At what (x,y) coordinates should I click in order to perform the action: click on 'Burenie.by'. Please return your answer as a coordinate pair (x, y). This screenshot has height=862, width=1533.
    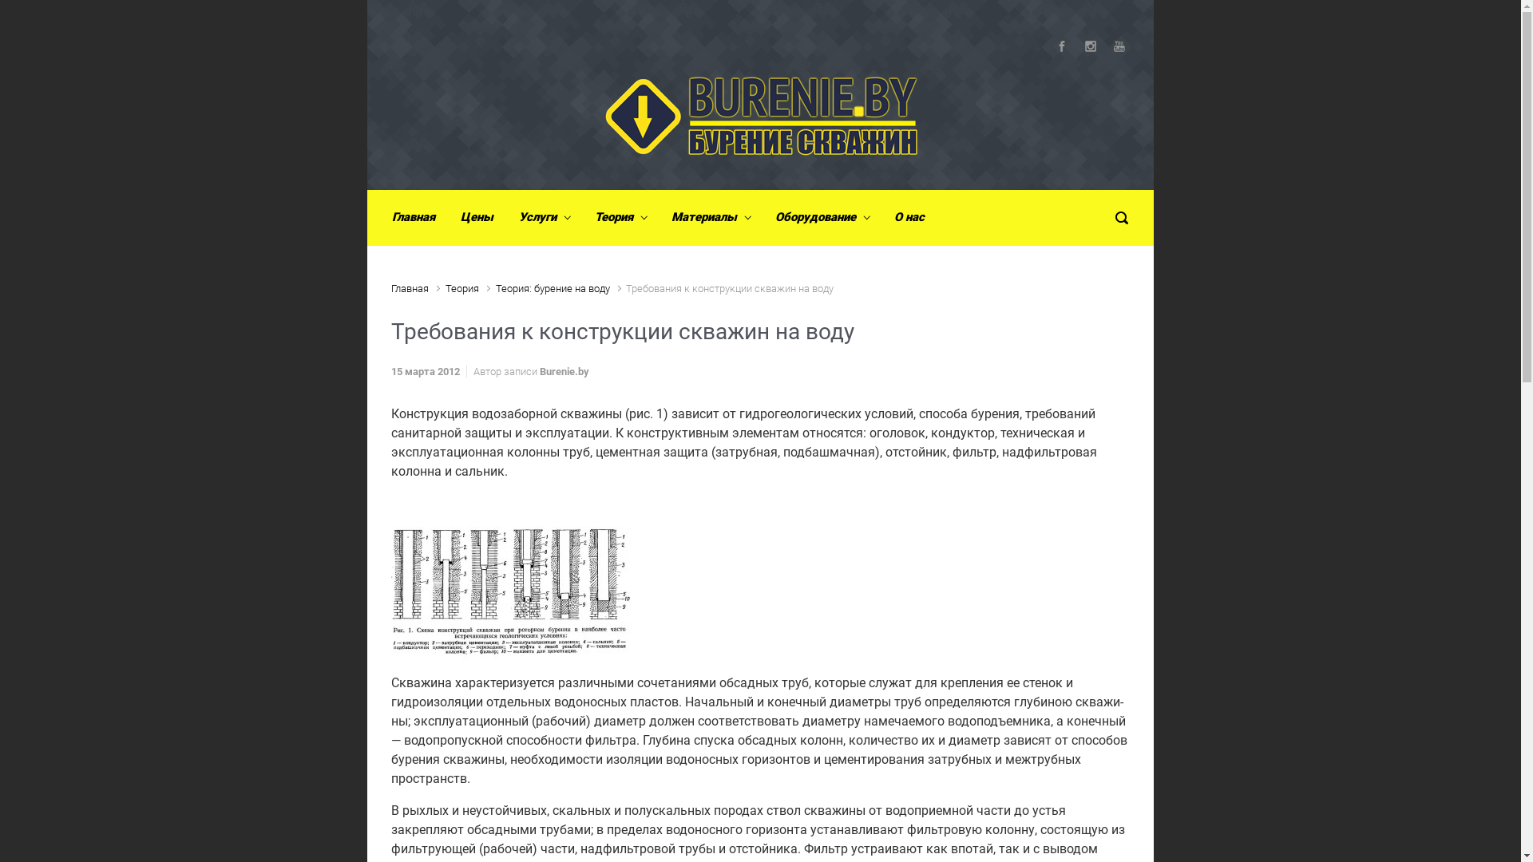
    Looking at the image, I should click on (540, 371).